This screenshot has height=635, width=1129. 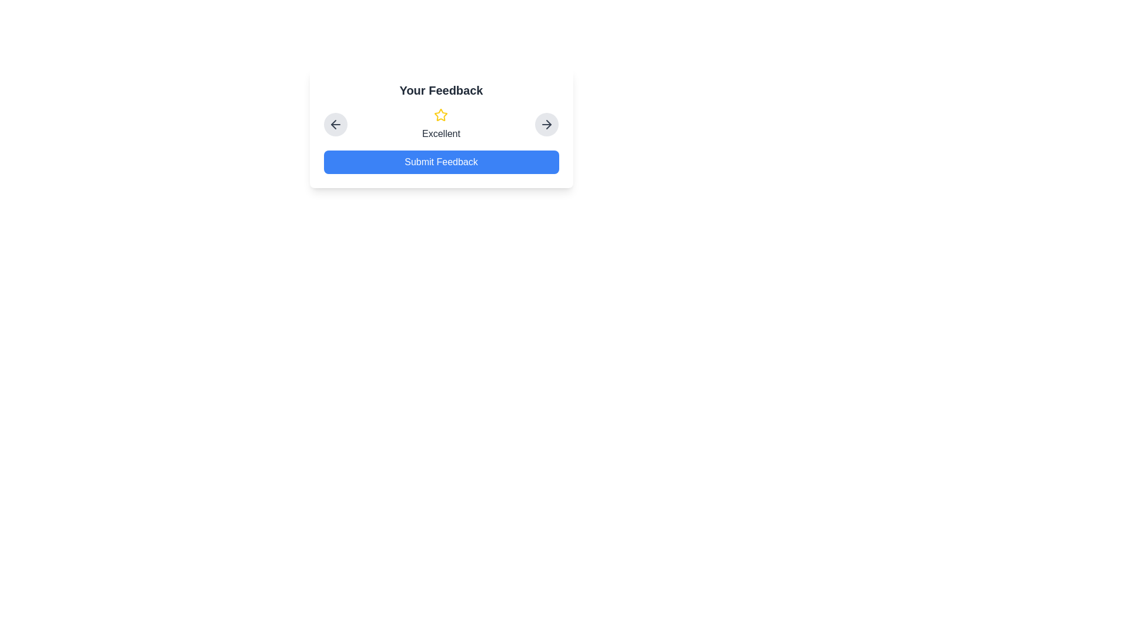 What do you see at coordinates (546, 125) in the screenshot?
I see `the forward progression button located on the right side of the feedback component interface to change its background color` at bounding box center [546, 125].